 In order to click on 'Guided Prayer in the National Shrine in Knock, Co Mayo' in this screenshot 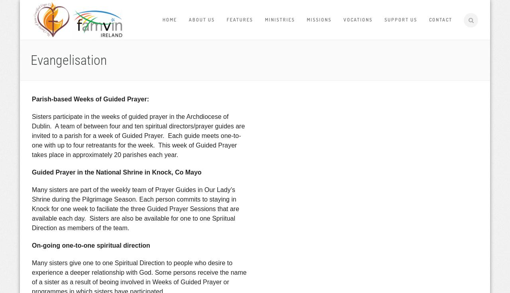, I will do `click(116, 172)`.